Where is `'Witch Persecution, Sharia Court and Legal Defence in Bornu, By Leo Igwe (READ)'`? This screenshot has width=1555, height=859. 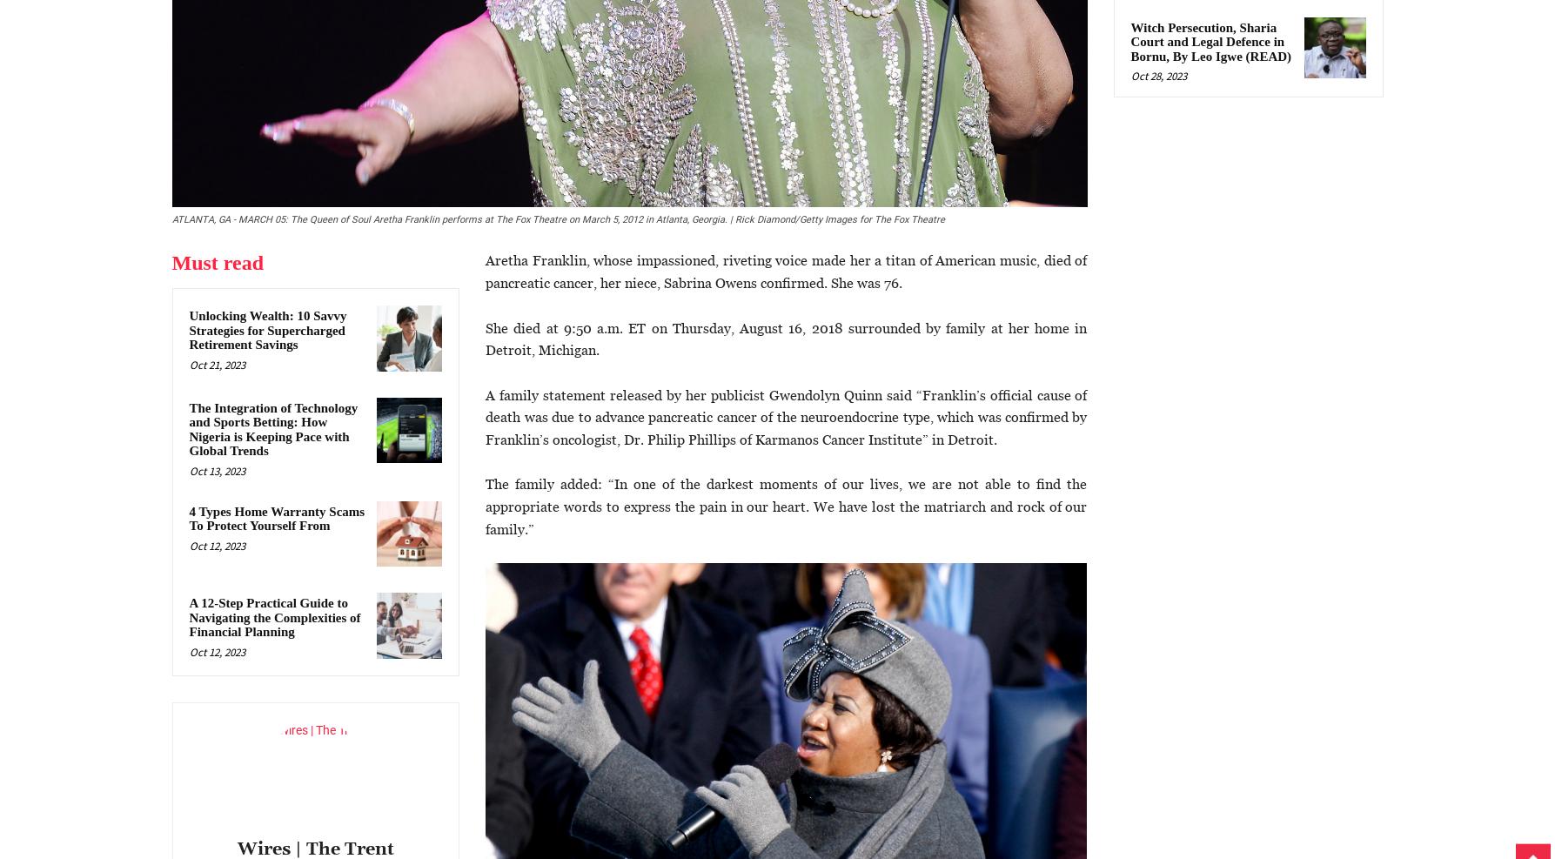 'Witch Persecution, Sharia Court and Legal Defence in Bornu, By Leo Igwe (READ)' is located at coordinates (1210, 40).